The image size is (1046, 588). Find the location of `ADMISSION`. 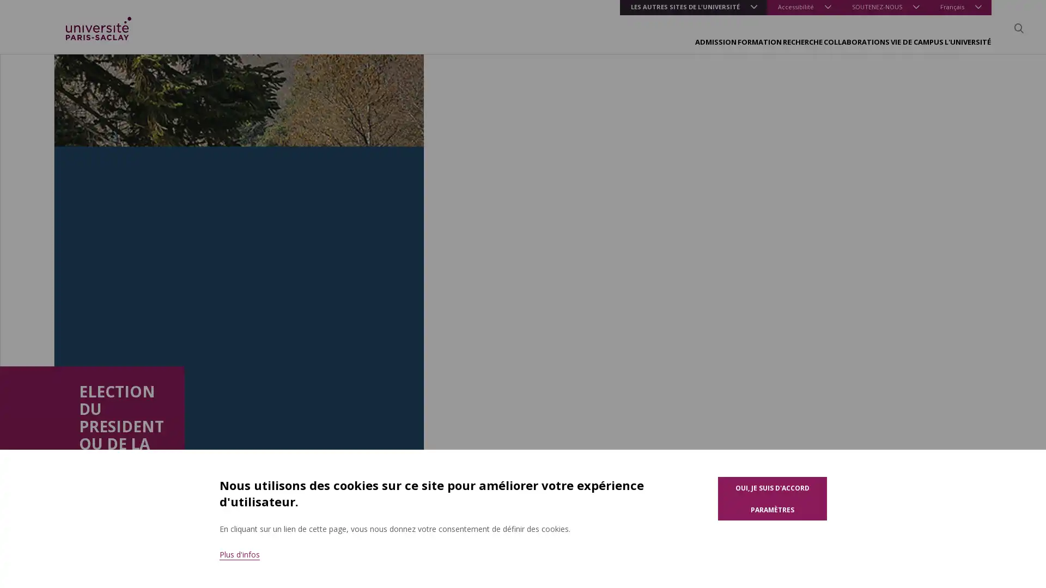

ADMISSION is located at coordinates (545, 37).